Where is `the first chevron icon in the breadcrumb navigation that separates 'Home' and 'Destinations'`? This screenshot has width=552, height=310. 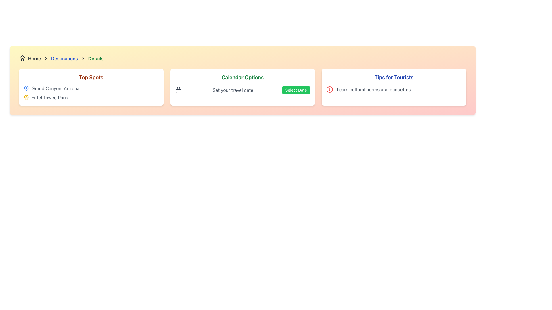
the first chevron icon in the breadcrumb navigation that separates 'Home' and 'Destinations' is located at coordinates (45, 59).